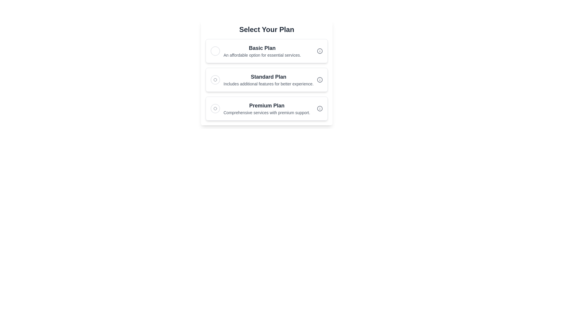  I want to click on the text label that reads 'Includes additional features for better experience.' which is positioned below the 'Standard Plan' title in a card-like section, so click(268, 84).